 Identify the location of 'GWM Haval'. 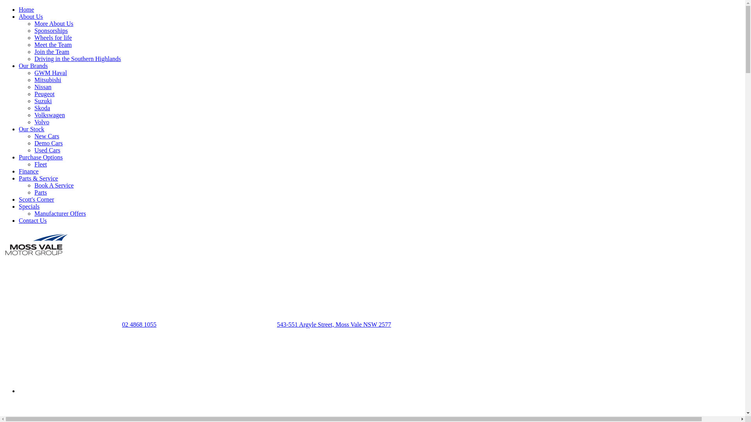
(50, 73).